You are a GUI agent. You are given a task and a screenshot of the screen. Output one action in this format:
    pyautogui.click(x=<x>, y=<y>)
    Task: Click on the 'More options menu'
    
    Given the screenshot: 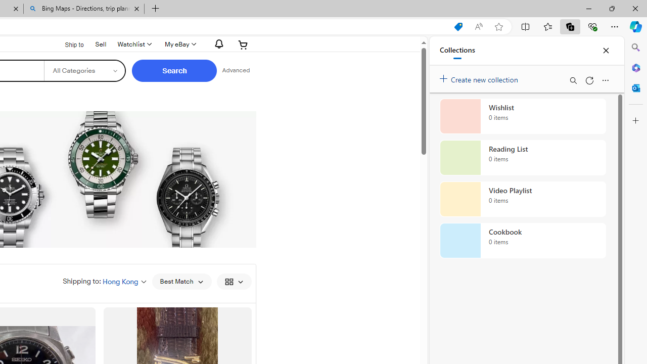 What is the action you would take?
    pyautogui.click(x=605, y=80)
    